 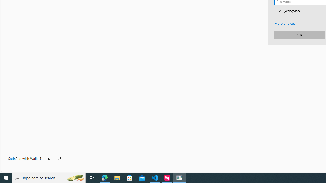 What do you see at coordinates (91, 177) in the screenshot?
I see `'Task View'` at bounding box center [91, 177].